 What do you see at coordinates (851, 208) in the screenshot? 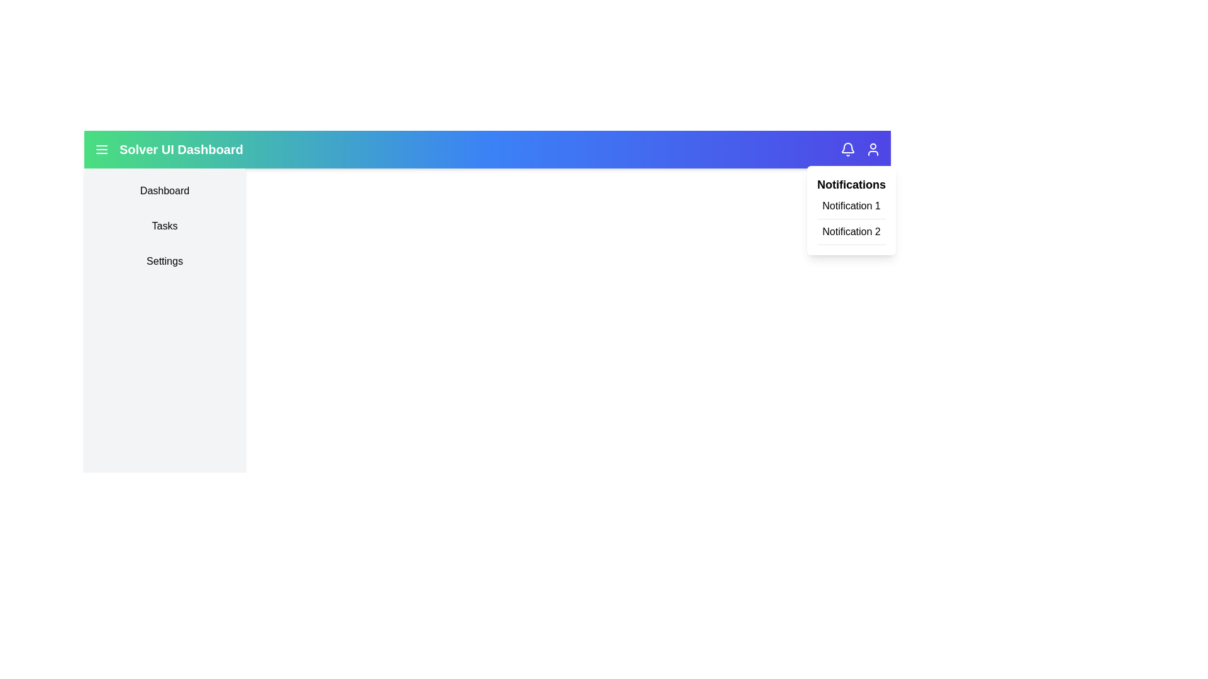
I see `the 'Notification 1' text label in the Notifications dropdown menu to interact with it` at bounding box center [851, 208].